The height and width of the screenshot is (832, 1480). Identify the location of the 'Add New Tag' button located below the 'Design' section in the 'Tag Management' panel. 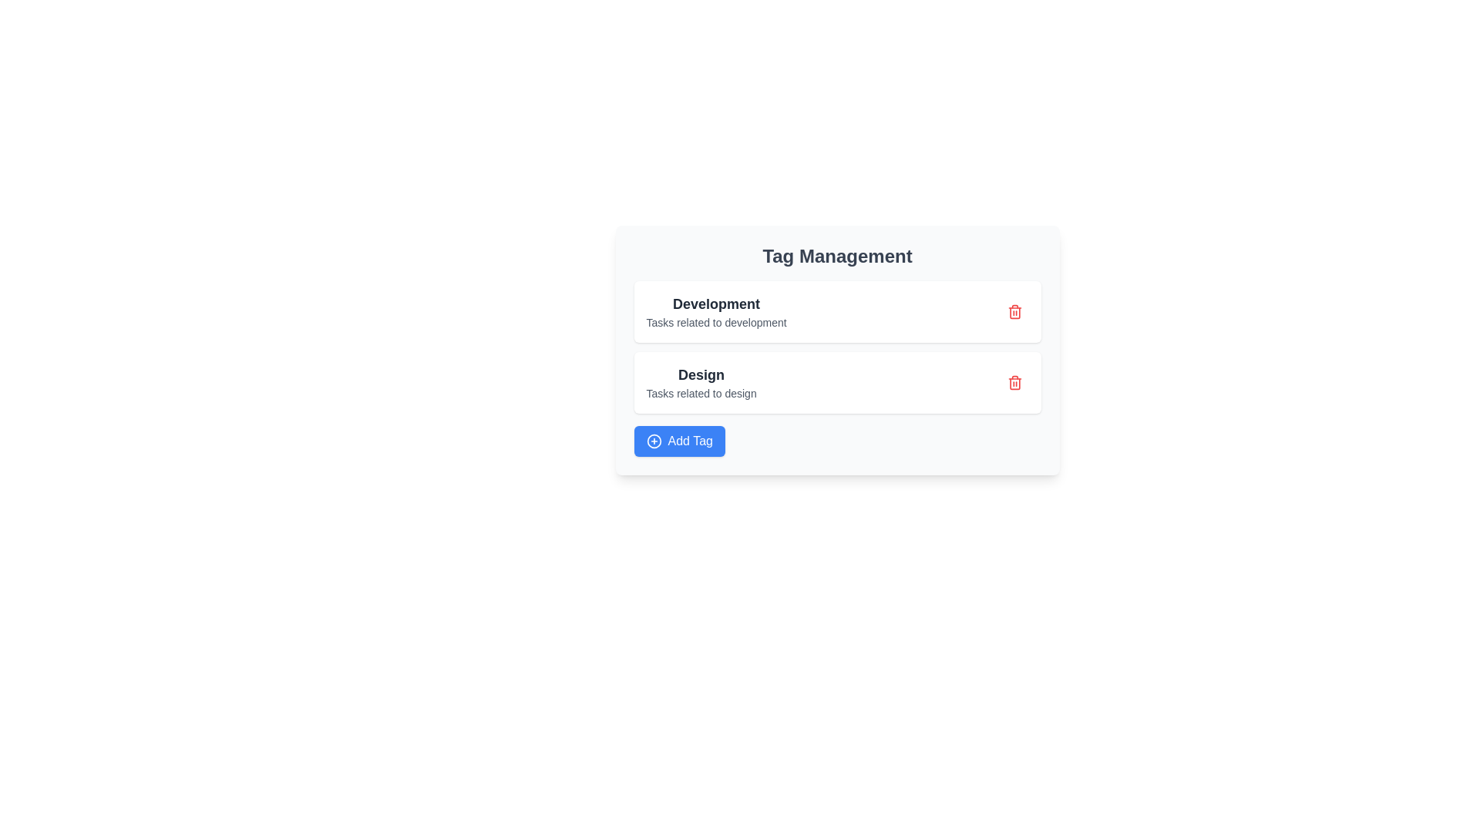
(678, 441).